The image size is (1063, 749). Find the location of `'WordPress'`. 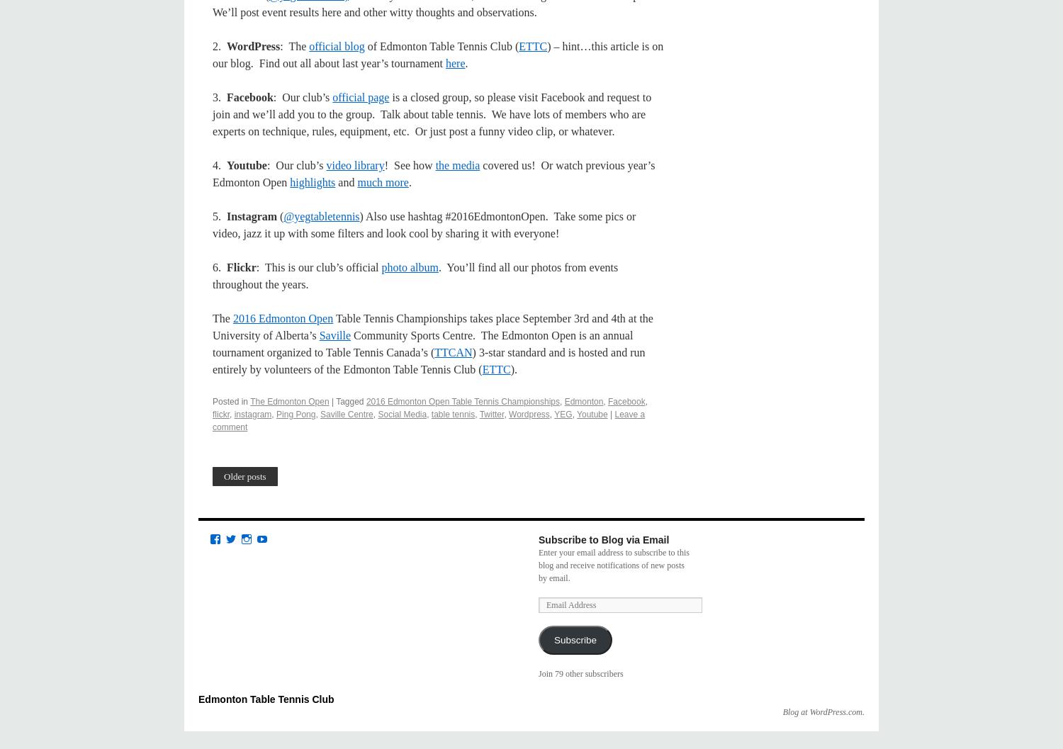

'WordPress' is located at coordinates (252, 46).